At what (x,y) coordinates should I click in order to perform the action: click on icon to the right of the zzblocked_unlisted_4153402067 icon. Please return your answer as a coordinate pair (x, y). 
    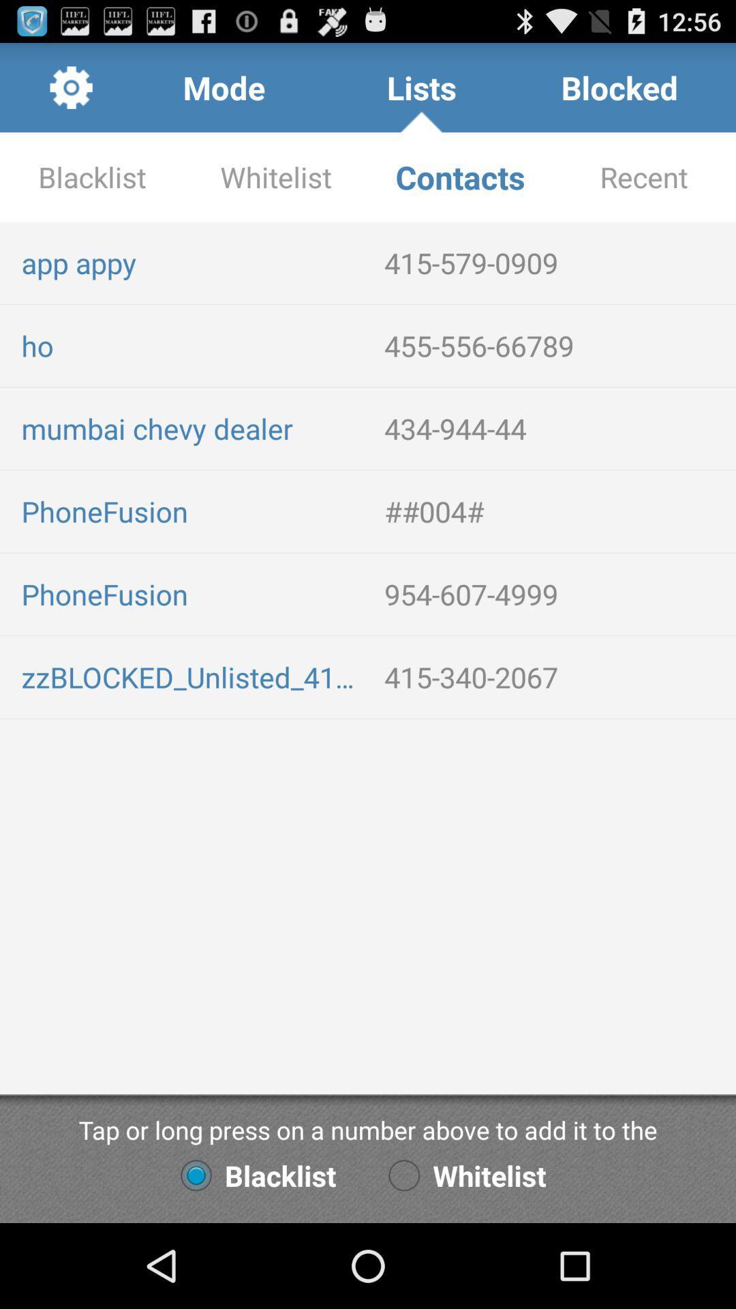
    Looking at the image, I should click on (555, 677).